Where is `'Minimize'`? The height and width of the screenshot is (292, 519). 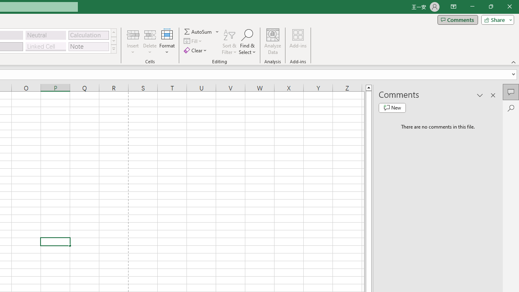 'Minimize' is located at coordinates (472, 6).